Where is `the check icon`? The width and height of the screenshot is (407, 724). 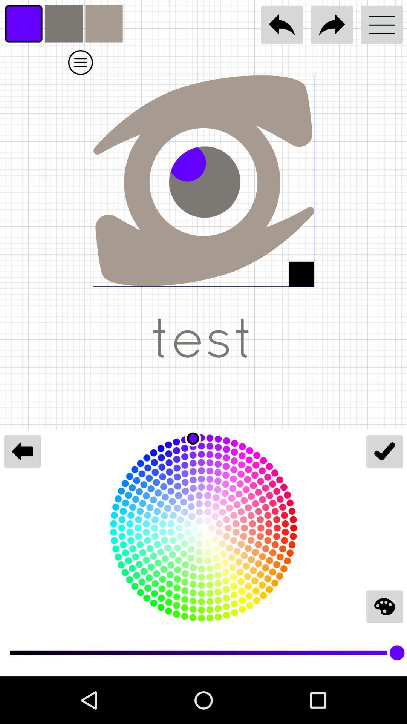 the check icon is located at coordinates (384, 451).